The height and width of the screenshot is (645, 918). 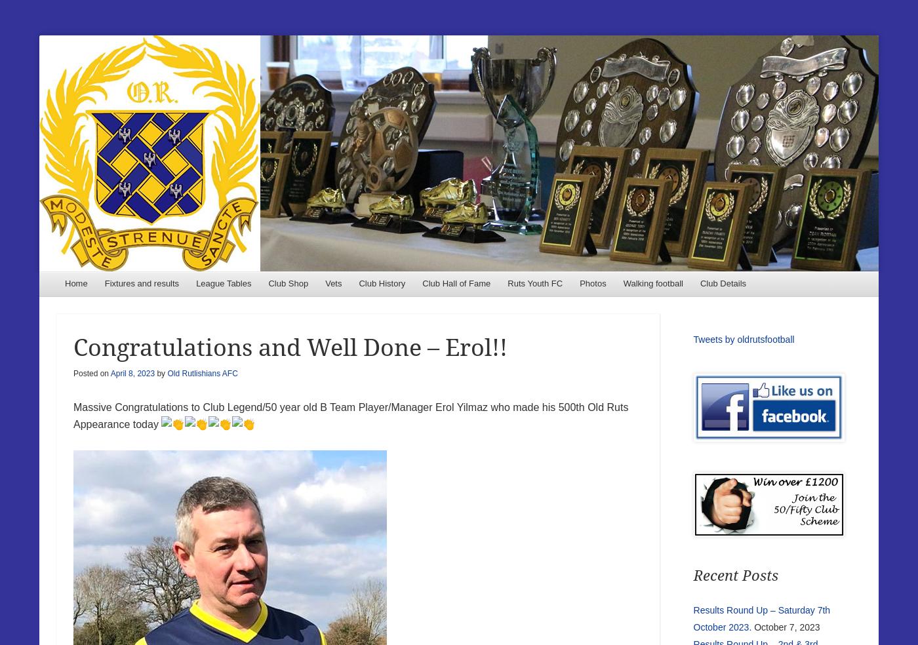 I want to click on 'Congratulations and Well Done – Erol!!', so click(x=290, y=347).